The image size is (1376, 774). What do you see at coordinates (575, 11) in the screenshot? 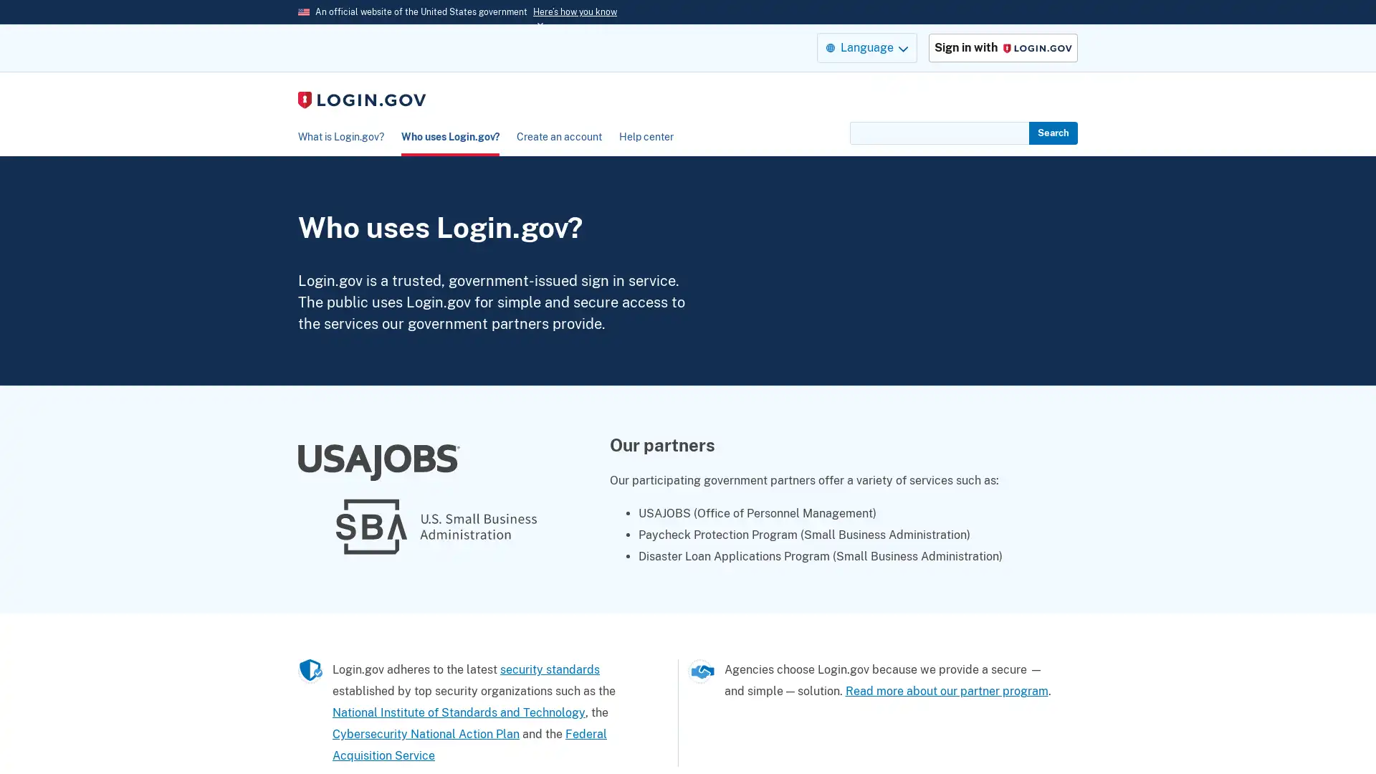
I see `Heres how you know` at bounding box center [575, 11].